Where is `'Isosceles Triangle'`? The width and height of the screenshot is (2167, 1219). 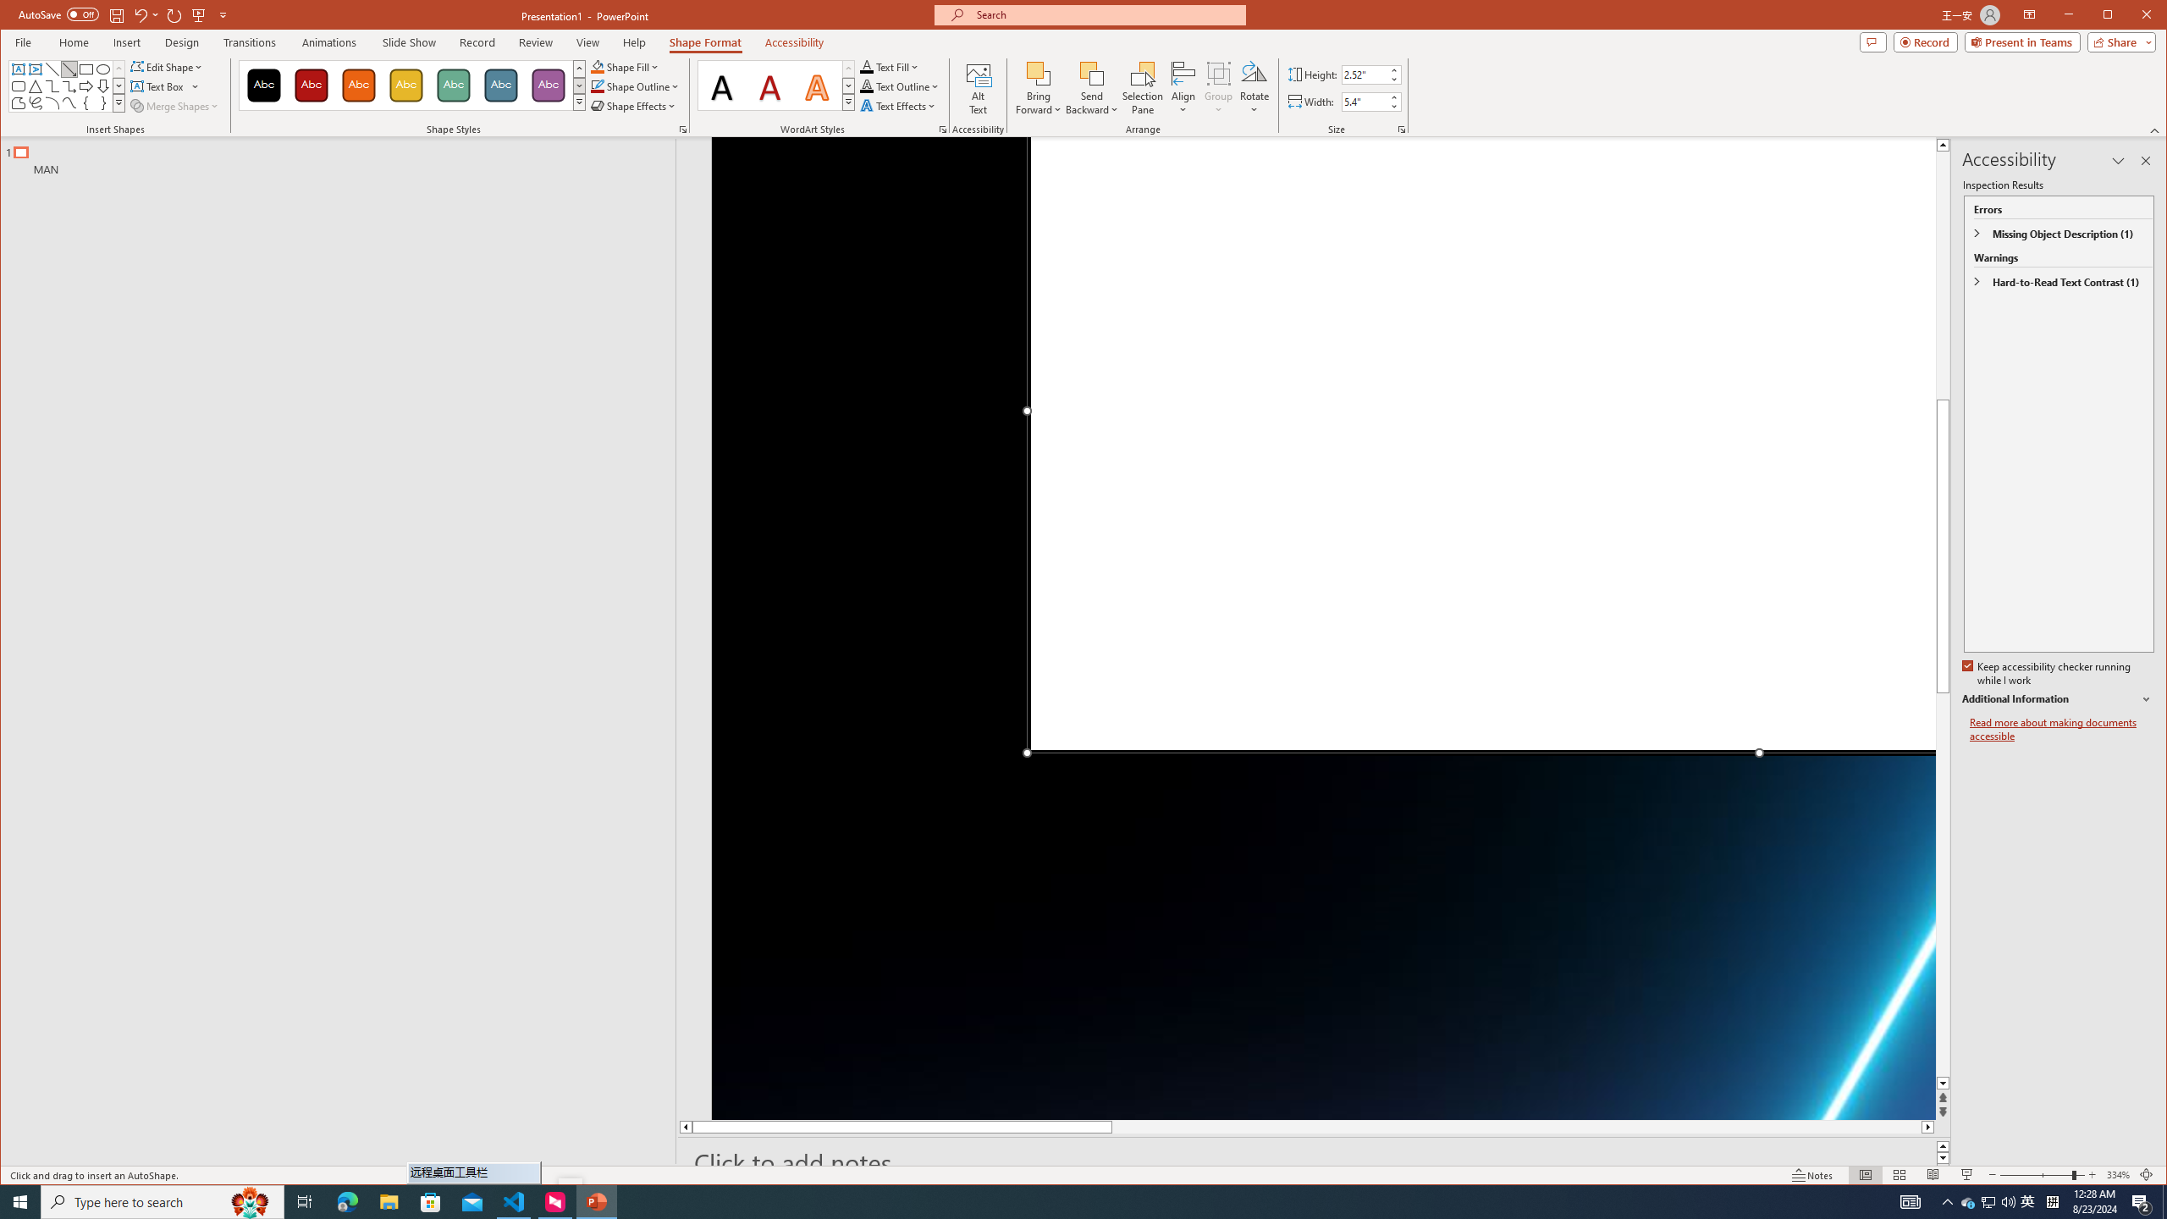 'Isosceles Triangle' is located at coordinates (34, 86).